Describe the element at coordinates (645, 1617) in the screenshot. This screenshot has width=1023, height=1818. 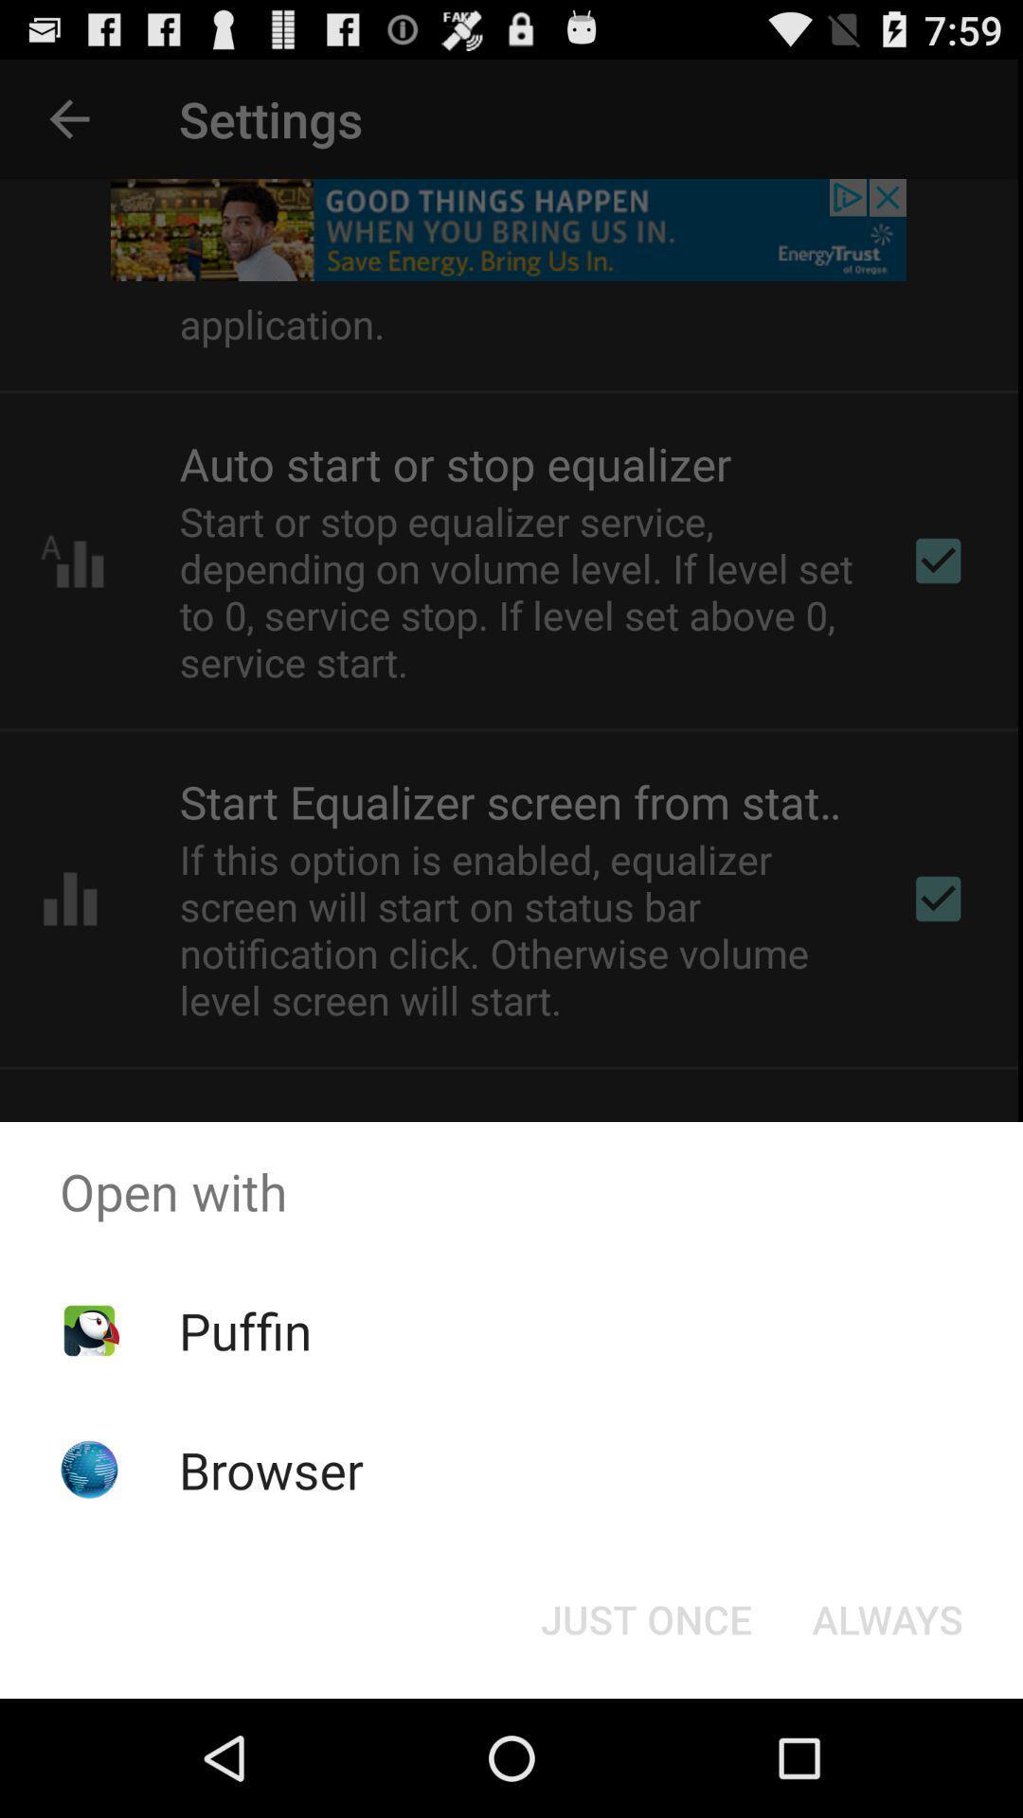
I see `the item to the left of always button` at that location.